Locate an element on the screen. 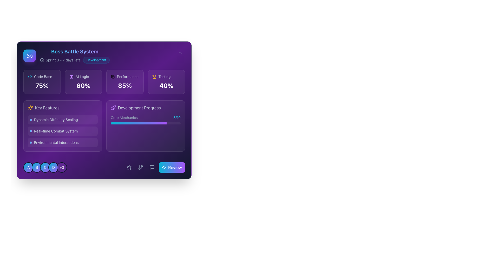 The height and width of the screenshot is (280, 499). text 'Sprint 3 - 7 days left' accompanied by a clock icon, which is located near the top of the user interface, to the left of the 'Development' label is located at coordinates (60, 60).